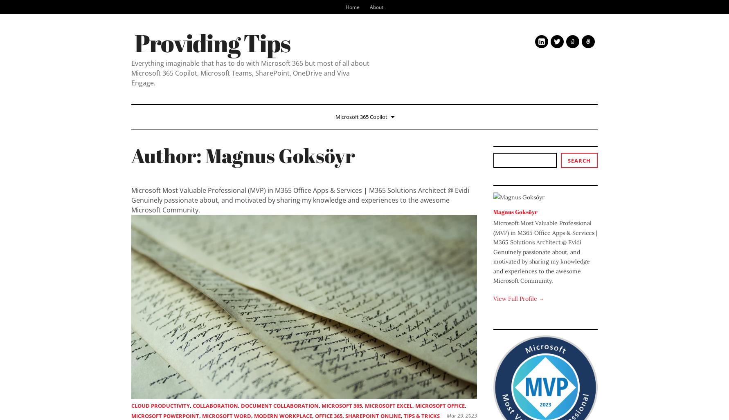 This screenshot has height=420, width=729. Describe the element at coordinates (352, 7) in the screenshot. I see `'Home'` at that location.